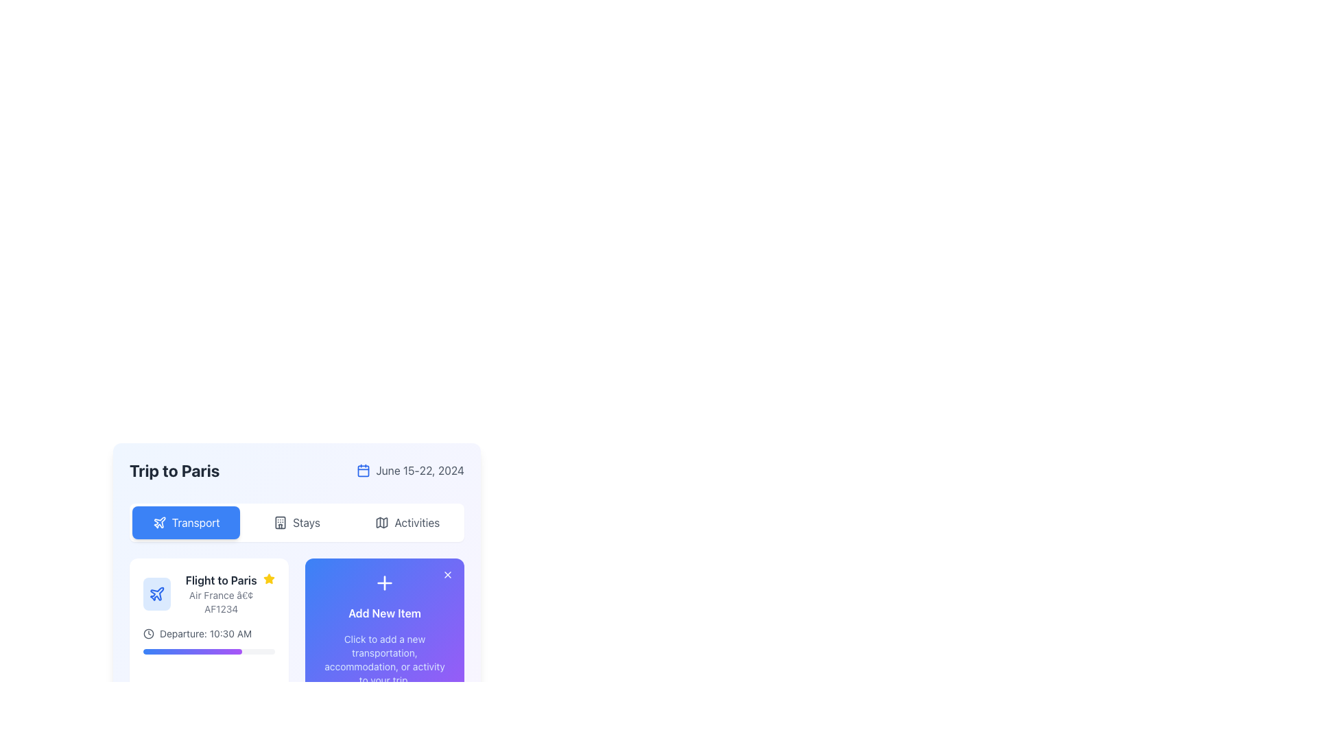 The width and height of the screenshot is (1317, 741). What do you see at coordinates (157, 593) in the screenshot?
I see `the airplane icon with thin blue strokes, styled in a modern outline design, located on the 'Flight to Paris' card in the 'Transport' tab` at bounding box center [157, 593].